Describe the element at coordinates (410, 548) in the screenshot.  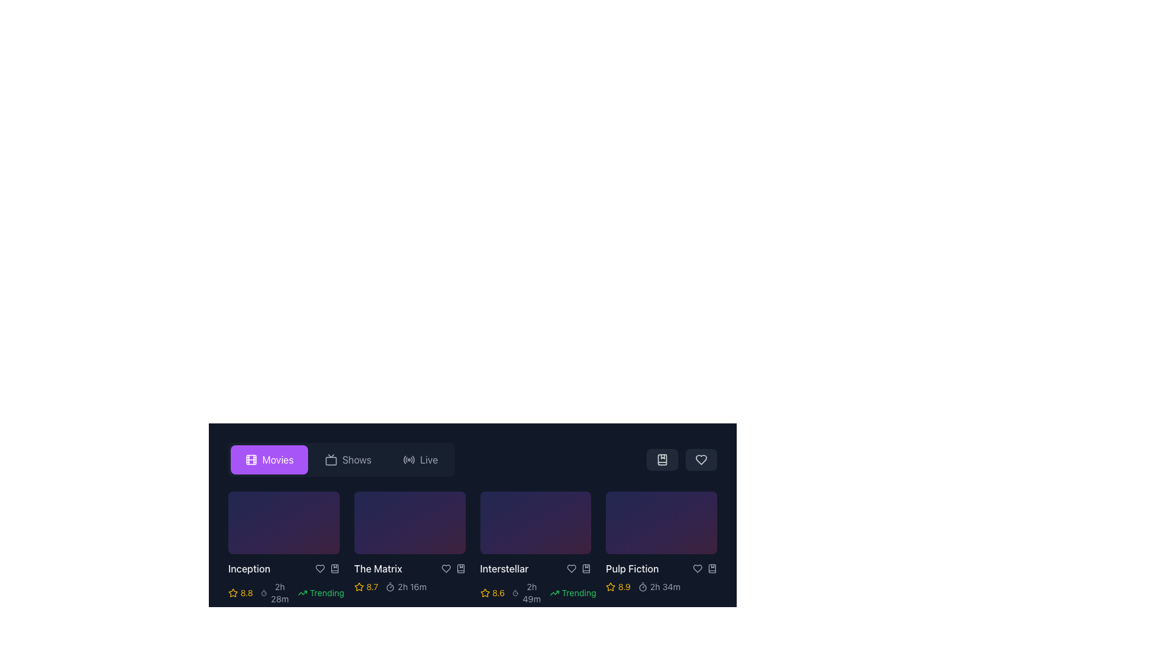
I see `the Movie card component representing the movie item in the grid interface` at that location.